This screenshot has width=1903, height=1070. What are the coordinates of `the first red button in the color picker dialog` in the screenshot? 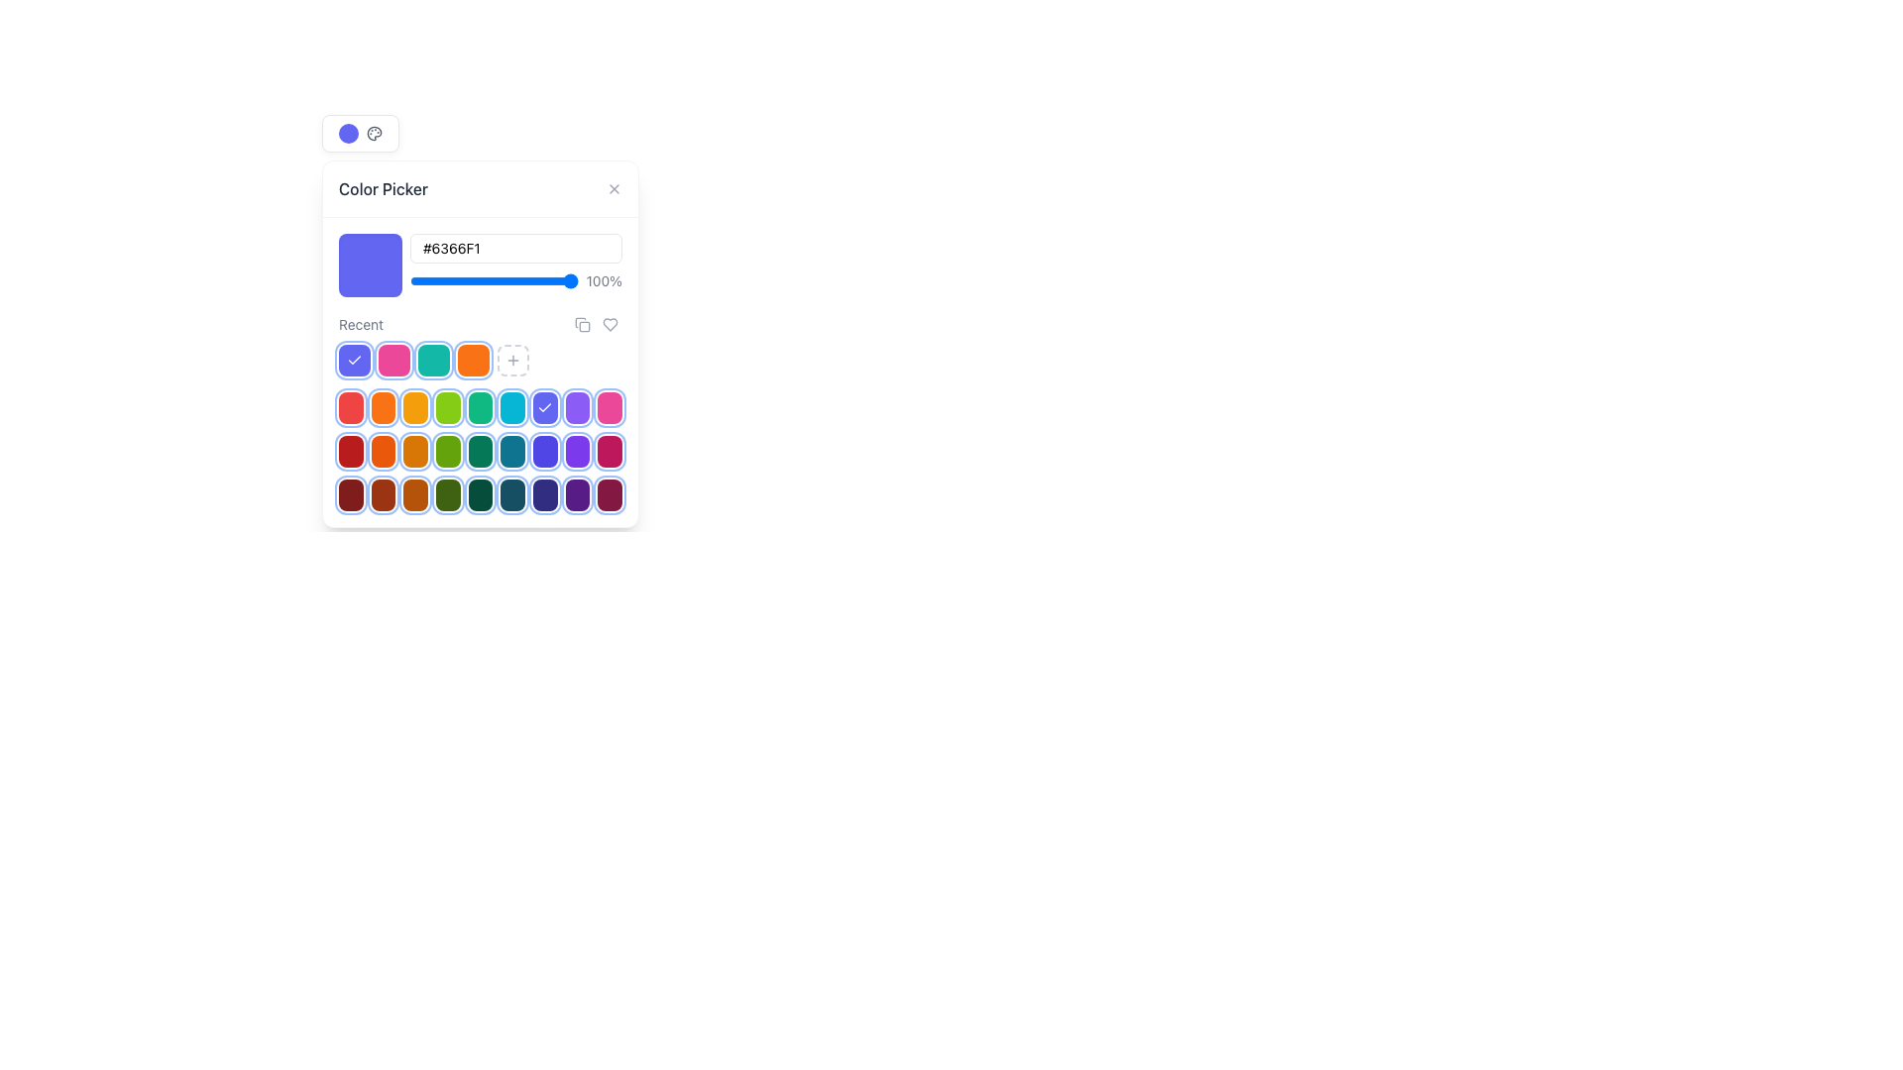 It's located at (351, 451).